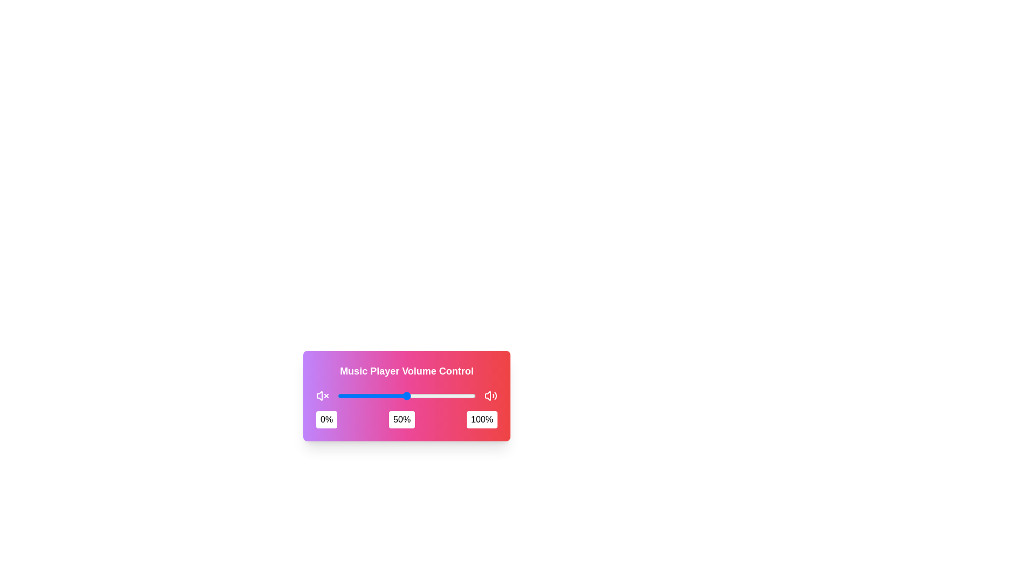  What do you see at coordinates (453, 396) in the screenshot?
I see `the slider to set the volume to 84%` at bounding box center [453, 396].